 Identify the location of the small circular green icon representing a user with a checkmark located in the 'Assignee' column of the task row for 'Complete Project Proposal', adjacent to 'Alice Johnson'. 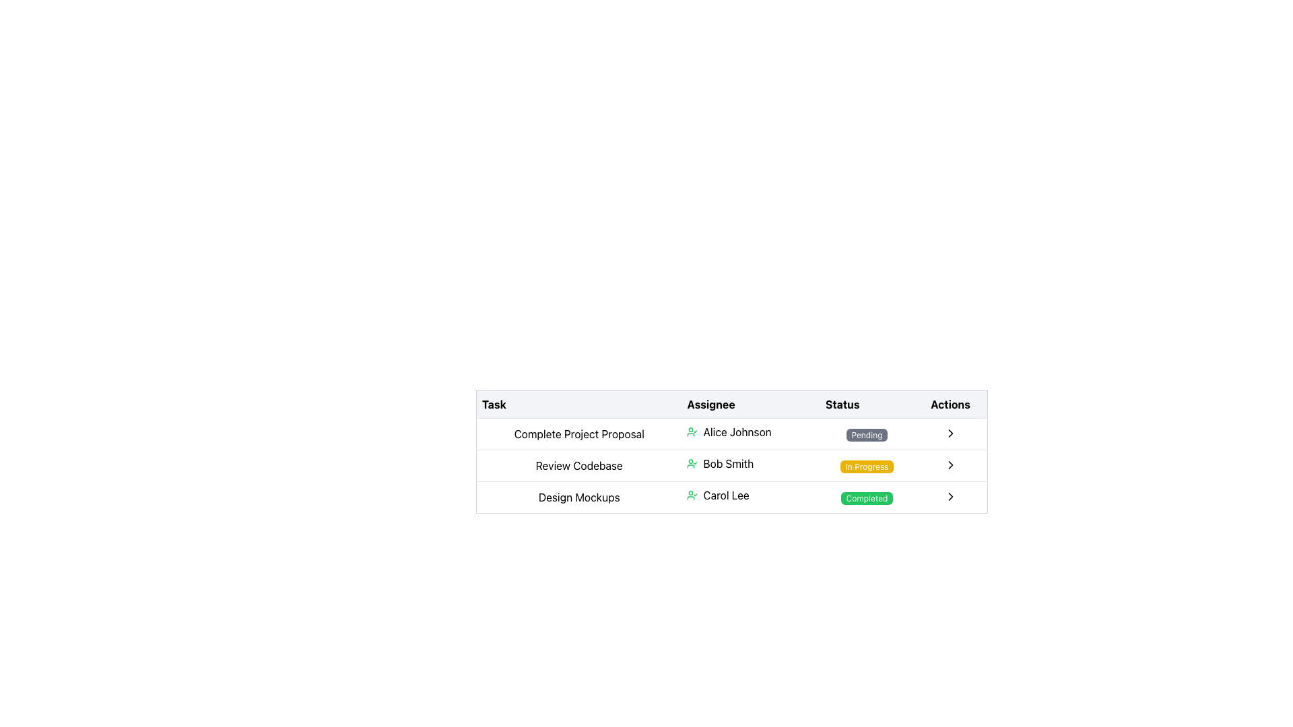
(692, 431).